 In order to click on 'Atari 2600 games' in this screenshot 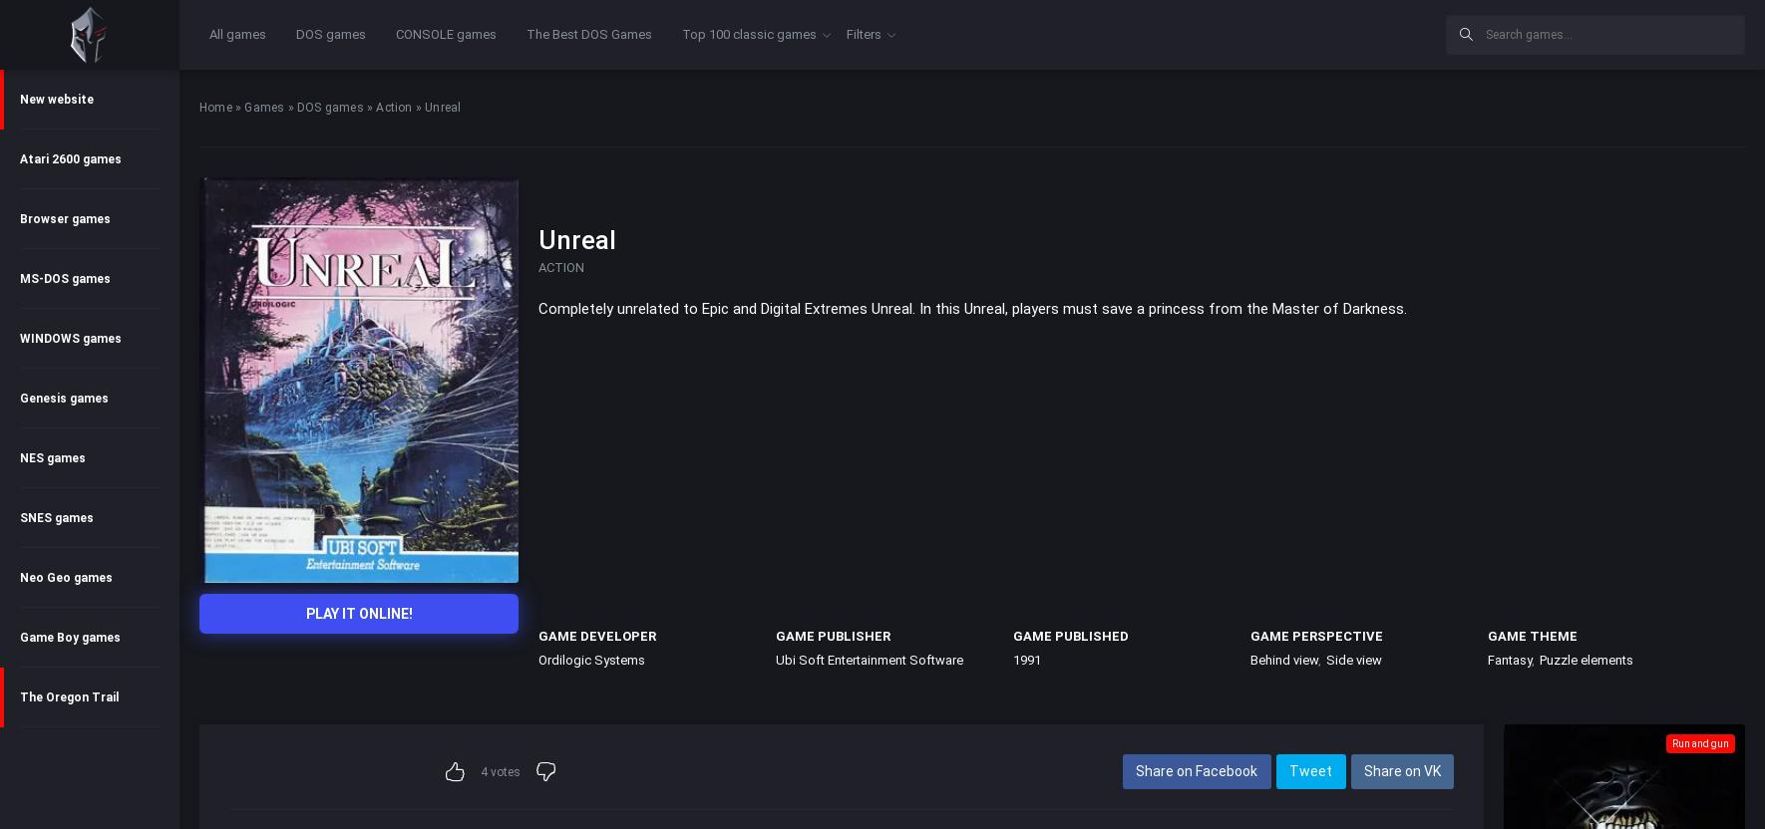, I will do `click(69, 157)`.